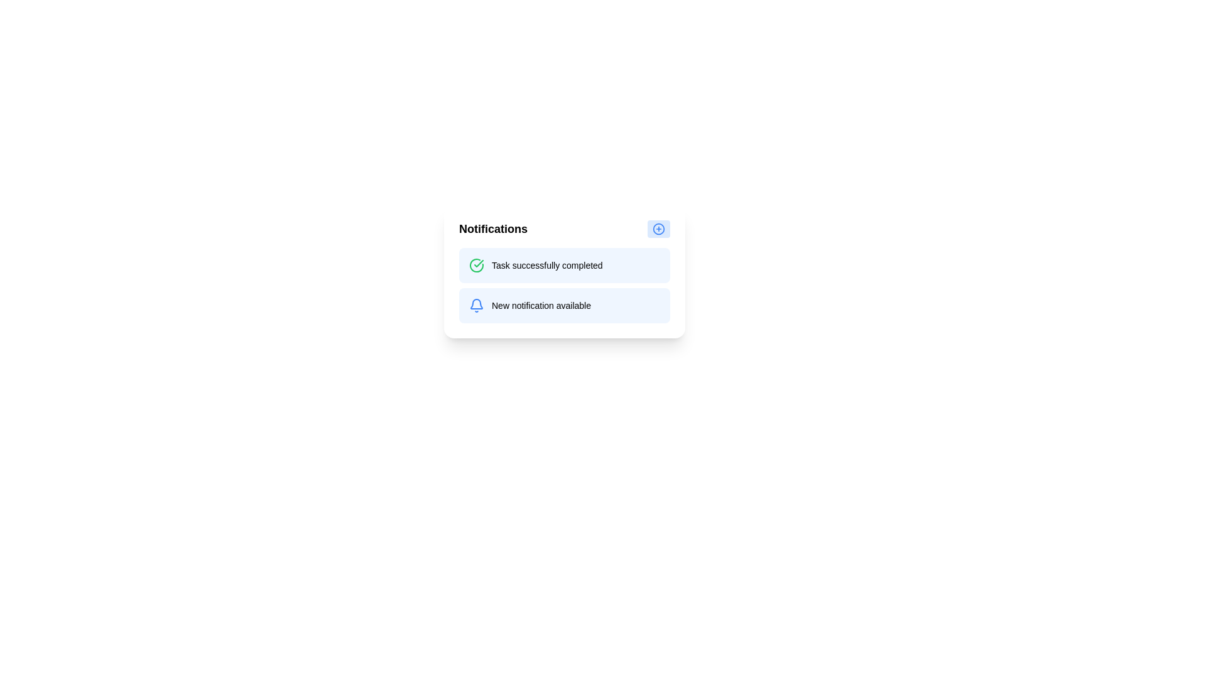  I want to click on the notification text reading 'Task successfully completed', which is styled in small text format and positioned next to a green success checkmark icon within the notifications display, so click(547, 265).